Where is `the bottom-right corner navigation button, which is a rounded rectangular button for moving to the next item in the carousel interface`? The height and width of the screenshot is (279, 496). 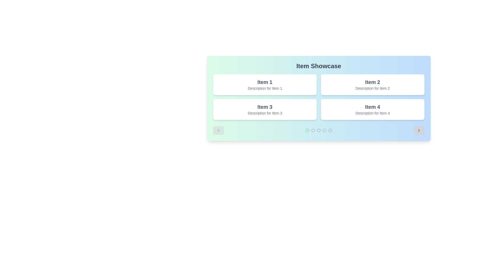 the bottom-right corner navigation button, which is a rounded rectangular button for moving to the next item in the carousel interface is located at coordinates (419, 130).